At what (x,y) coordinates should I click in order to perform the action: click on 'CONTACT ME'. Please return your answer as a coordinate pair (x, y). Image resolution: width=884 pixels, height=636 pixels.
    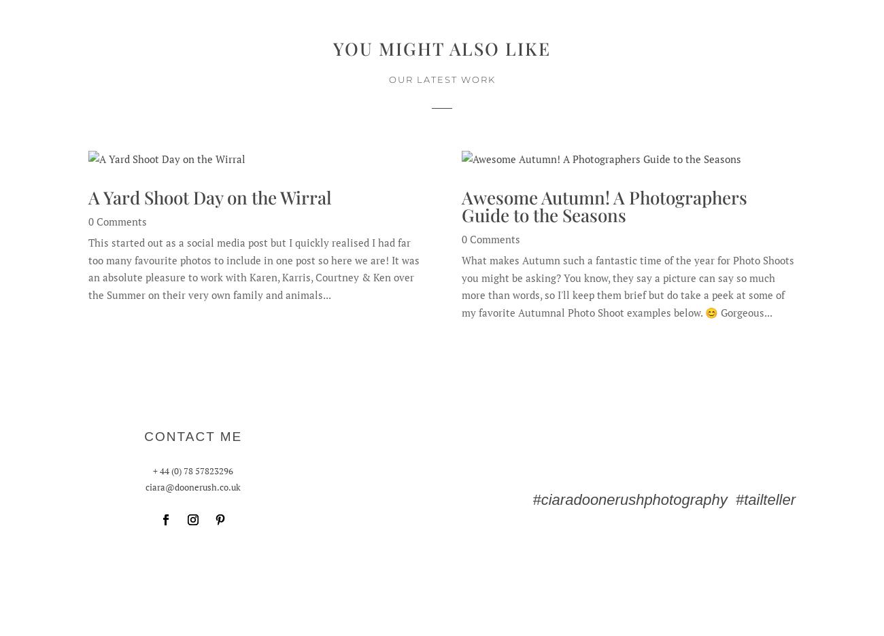
    Looking at the image, I should click on (193, 436).